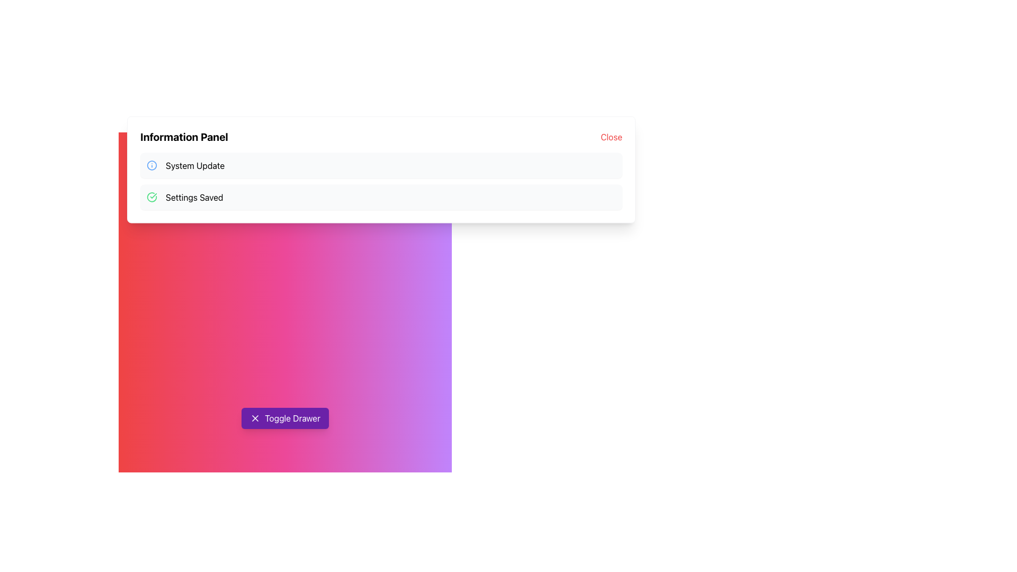  What do you see at coordinates (285, 418) in the screenshot?
I see `the 'Toggle Drawer' button, which is a rectangular button with a purple background and white text, featuring an 'X' icon on the left side, located near the bottom center of the interface` at bounding box center [285, 418].